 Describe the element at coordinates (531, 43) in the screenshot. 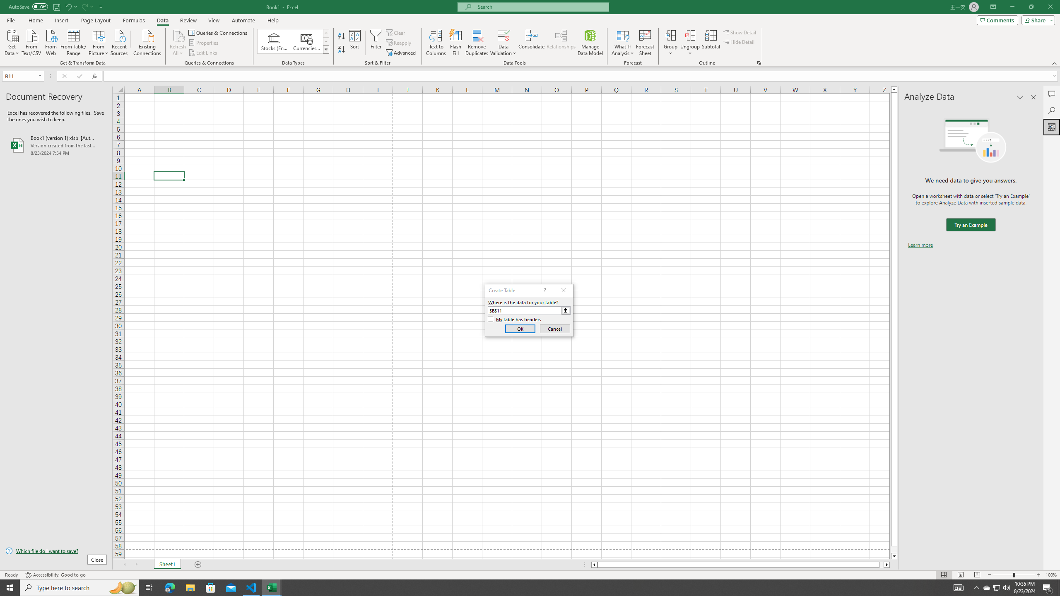

I see `'Consolidate...'` at that location.